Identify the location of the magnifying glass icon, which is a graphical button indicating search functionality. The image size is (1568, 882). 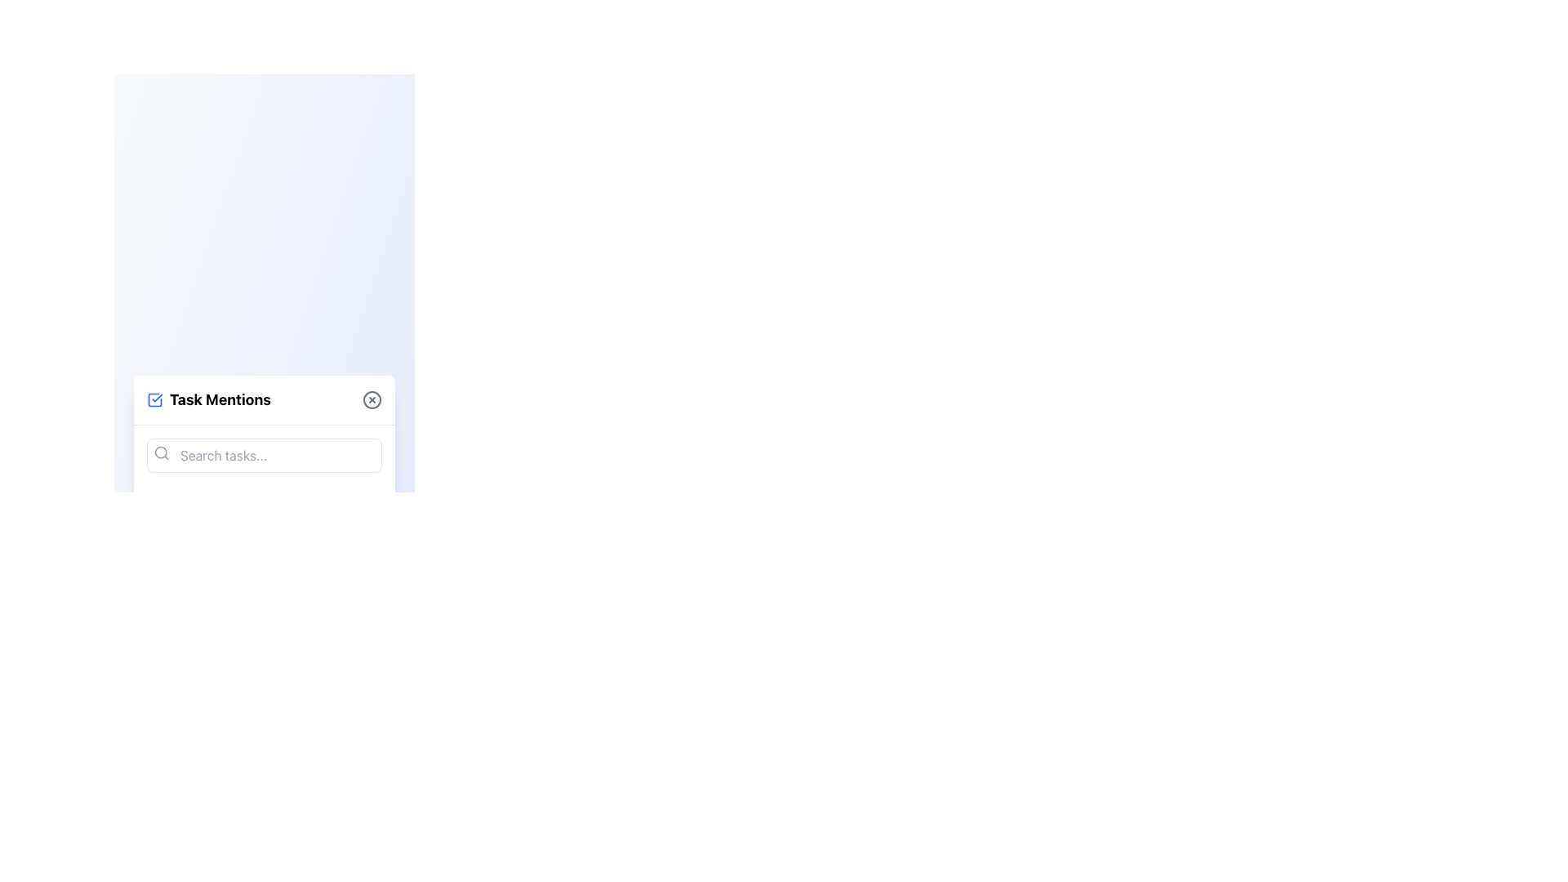
(161, 452).